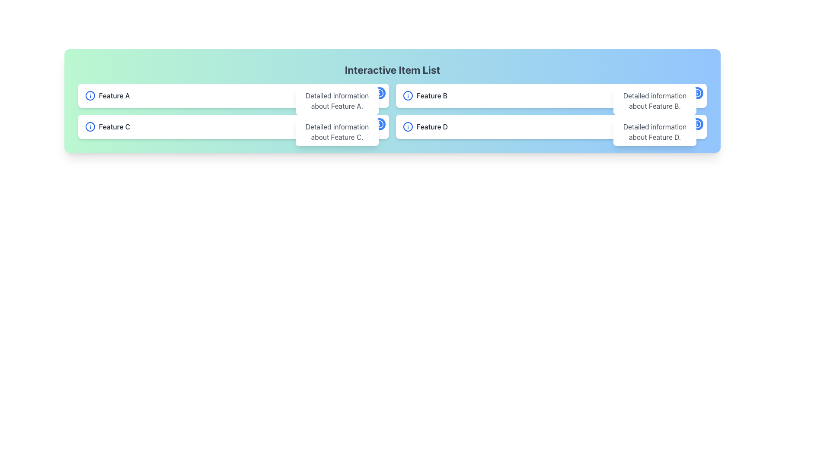 This screenshot has height=466, width=830. I want to click on the SVG circle element that serves as a background for the 'info' icon, which is located on the far right of a feature item in a horizontally structured list, so click(697, 124).